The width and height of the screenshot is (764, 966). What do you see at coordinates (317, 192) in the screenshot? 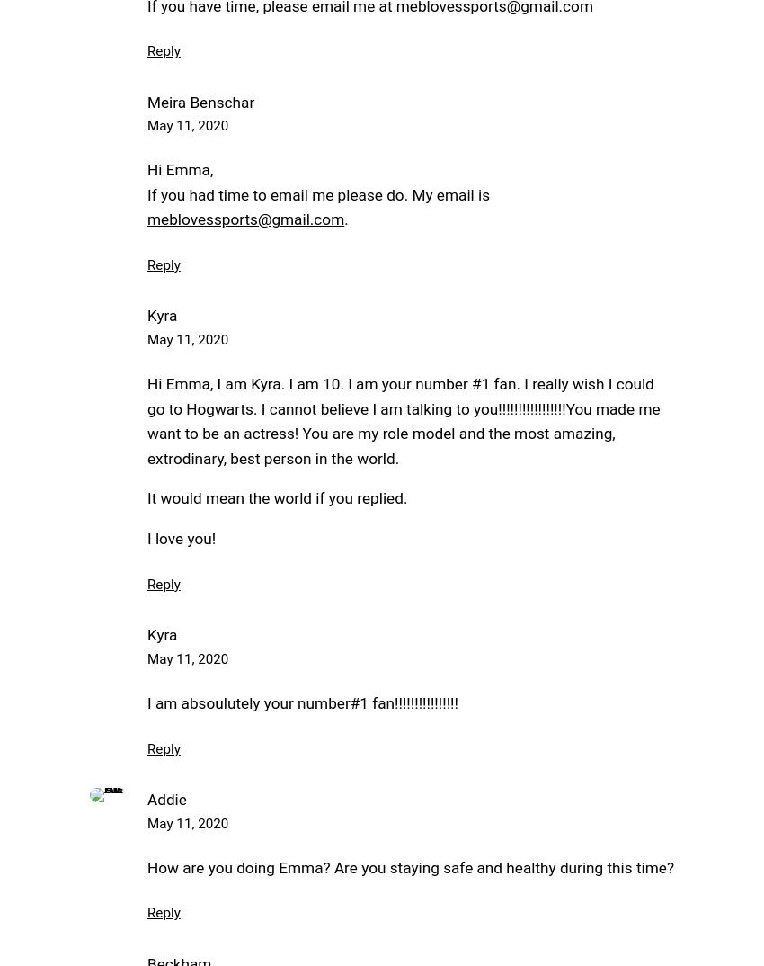
I see `'If you had time to email me please do. My email is'` at bounding box center [317, 192].